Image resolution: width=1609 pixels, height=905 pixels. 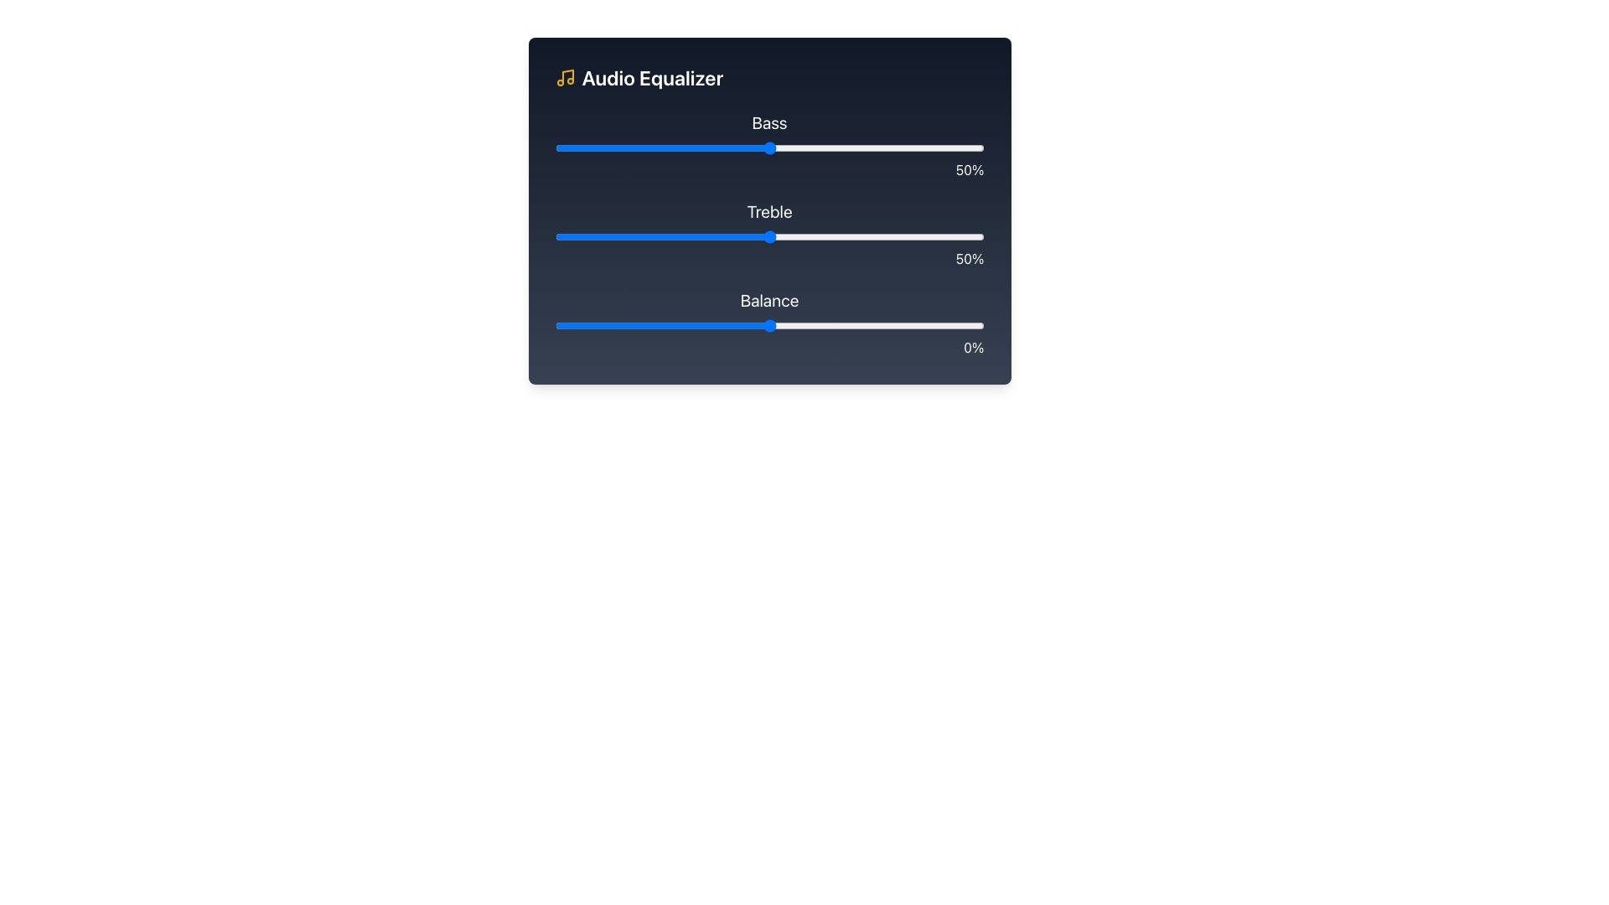 I want to click on balance, so click(x=954, y=326).